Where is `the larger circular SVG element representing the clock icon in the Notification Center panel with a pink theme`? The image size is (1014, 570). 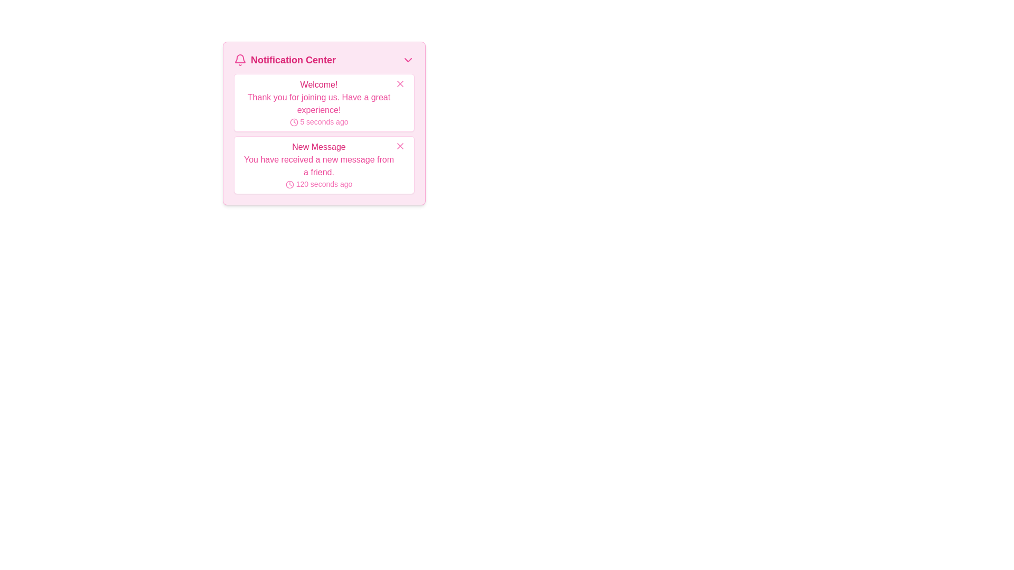 the larger circular SVG element representing the clock icon in the Notification Center panel with a pink theme is located at coordinates (289, 184).